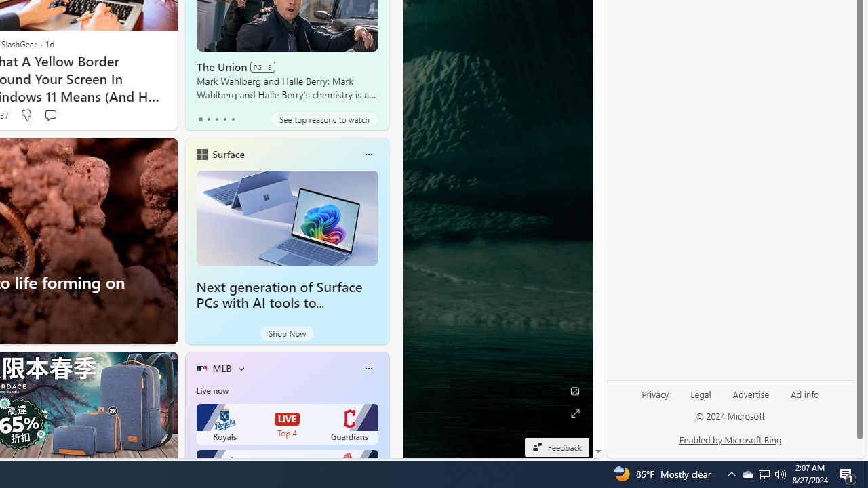  Describe the element at coordinates (575, 413) in the screenshot. I see `'Expand background'` at that location.